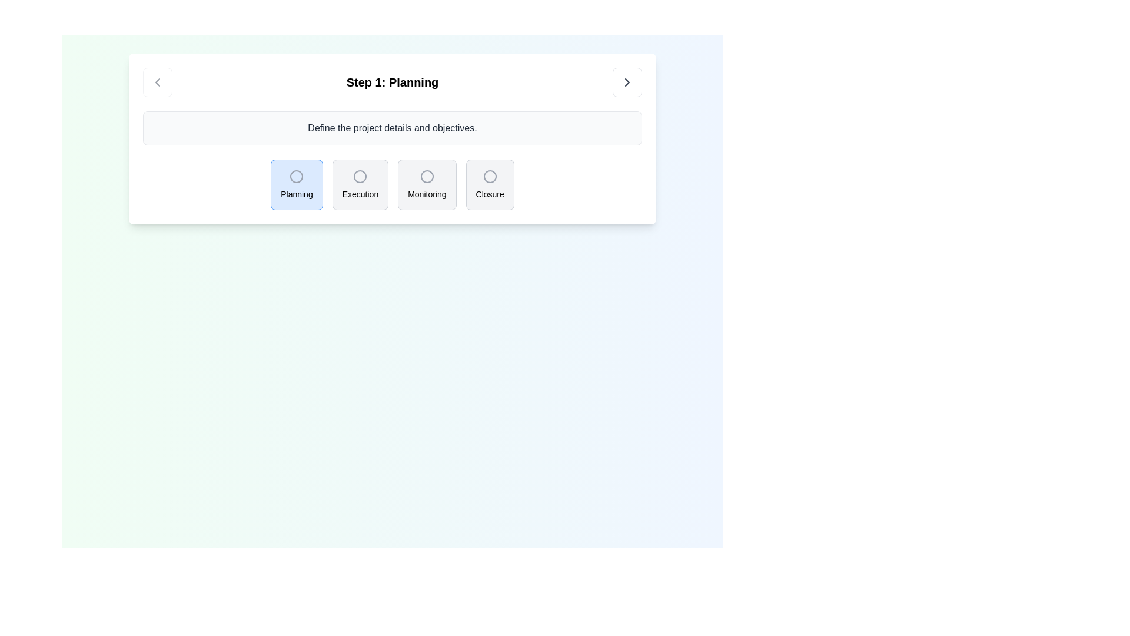 Image resolution: width=1130 pixels, height=636 pixels. I want to click on the text label displaying 'Step 1: Planning', which is bold and center-aligned, positioned centrally between navigational icons, so click(393, 81).